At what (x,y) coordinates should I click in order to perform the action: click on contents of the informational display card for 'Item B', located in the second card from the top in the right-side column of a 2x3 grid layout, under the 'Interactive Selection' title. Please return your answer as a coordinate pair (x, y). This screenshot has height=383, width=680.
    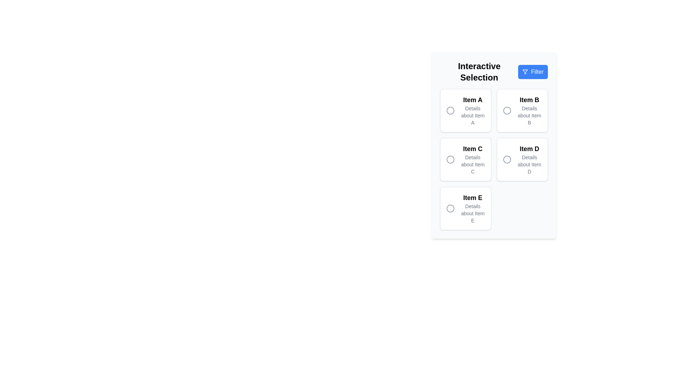
    Looking at the image, I should click on (529, 111).